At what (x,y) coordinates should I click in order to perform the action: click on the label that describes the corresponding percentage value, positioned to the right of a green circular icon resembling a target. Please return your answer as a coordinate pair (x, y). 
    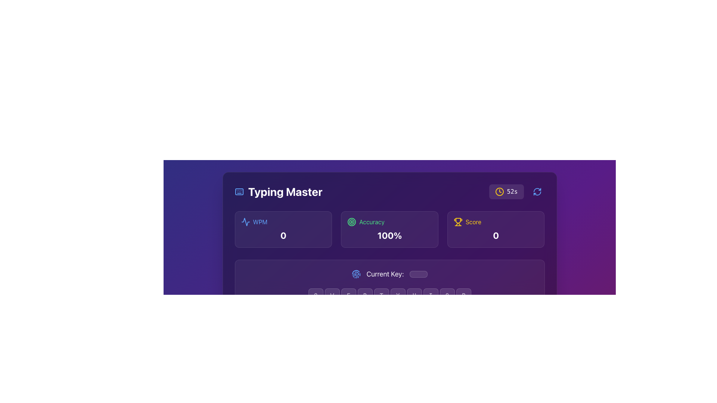
    Looking at the image, I should click on (372, 221).